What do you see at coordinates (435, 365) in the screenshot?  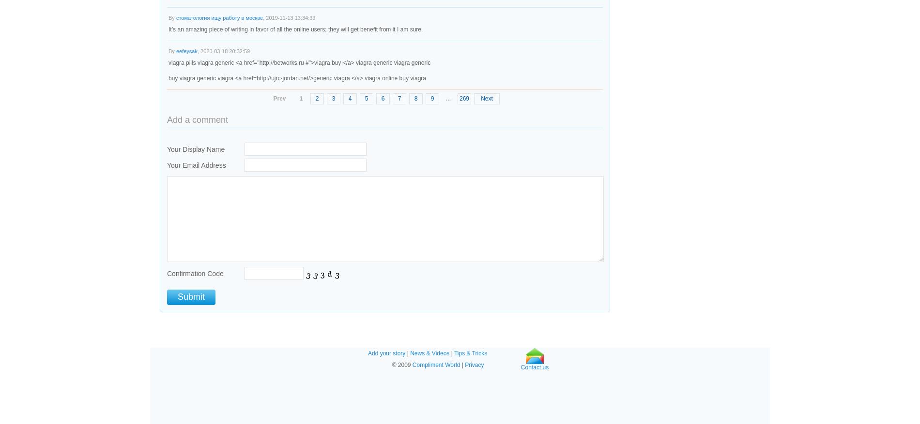 I see `'Compliment World'` at bounding box center [435, 365].